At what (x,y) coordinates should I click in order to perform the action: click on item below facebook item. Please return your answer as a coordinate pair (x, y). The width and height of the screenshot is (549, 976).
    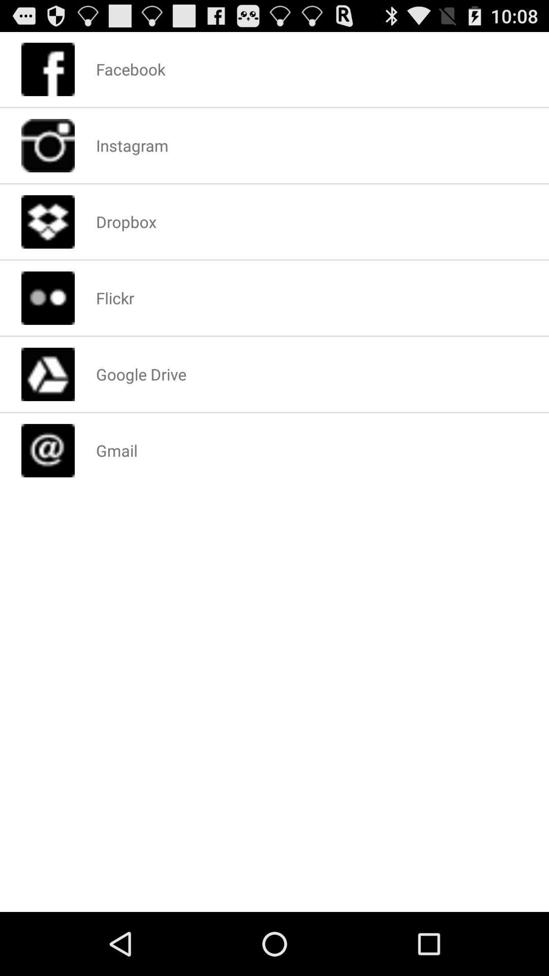
    Looking at the image, I should click on (132, 145).